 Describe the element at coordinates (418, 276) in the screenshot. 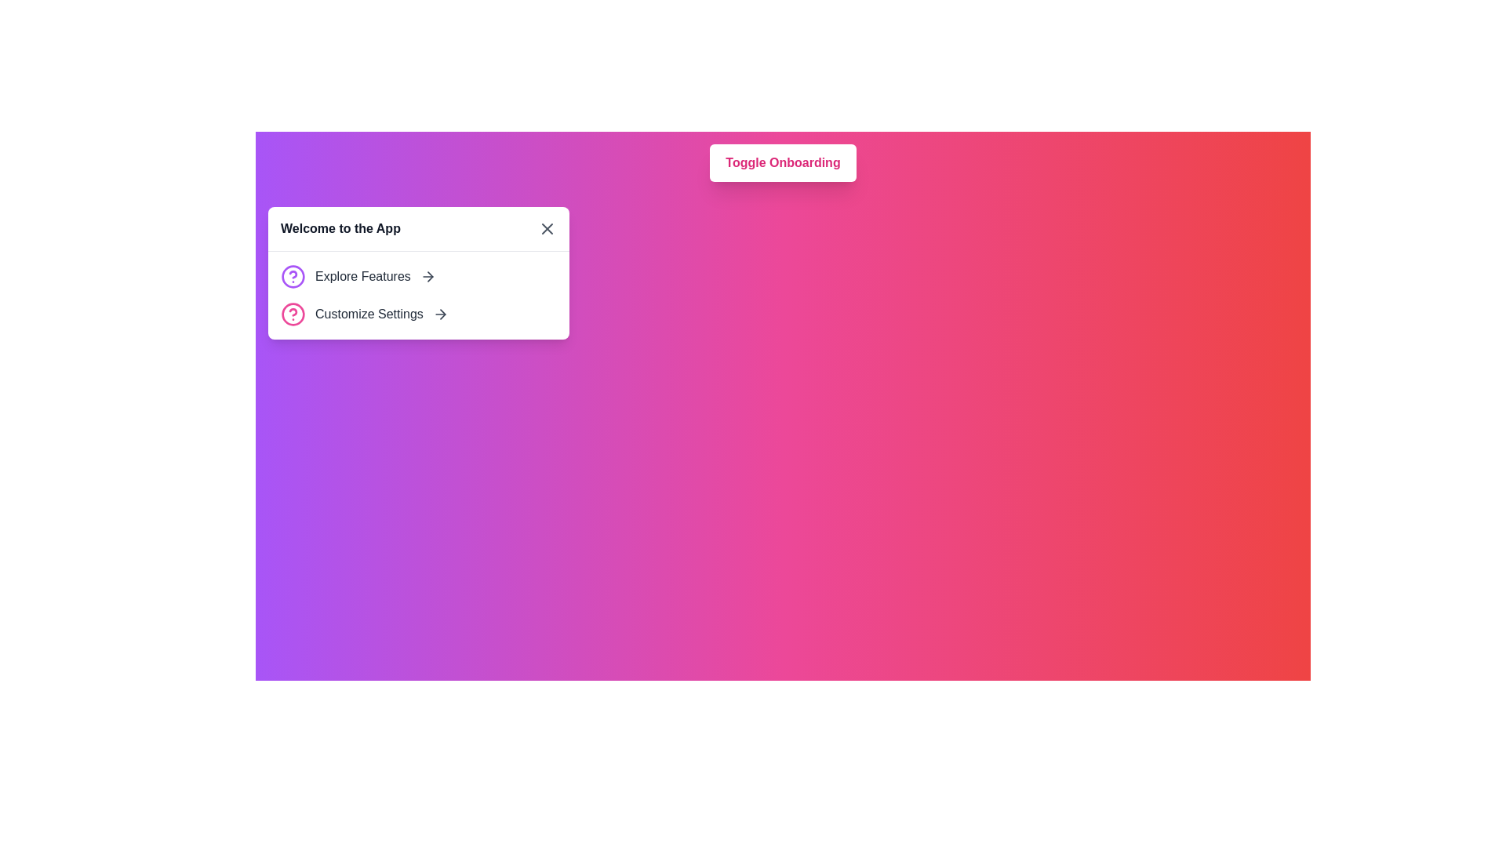

I see `the clickable list item labeled 'Explore Features', which consists of a purple circular question mark icon and a right-arrow icon, to trigger the tooltip or effect` at that location.